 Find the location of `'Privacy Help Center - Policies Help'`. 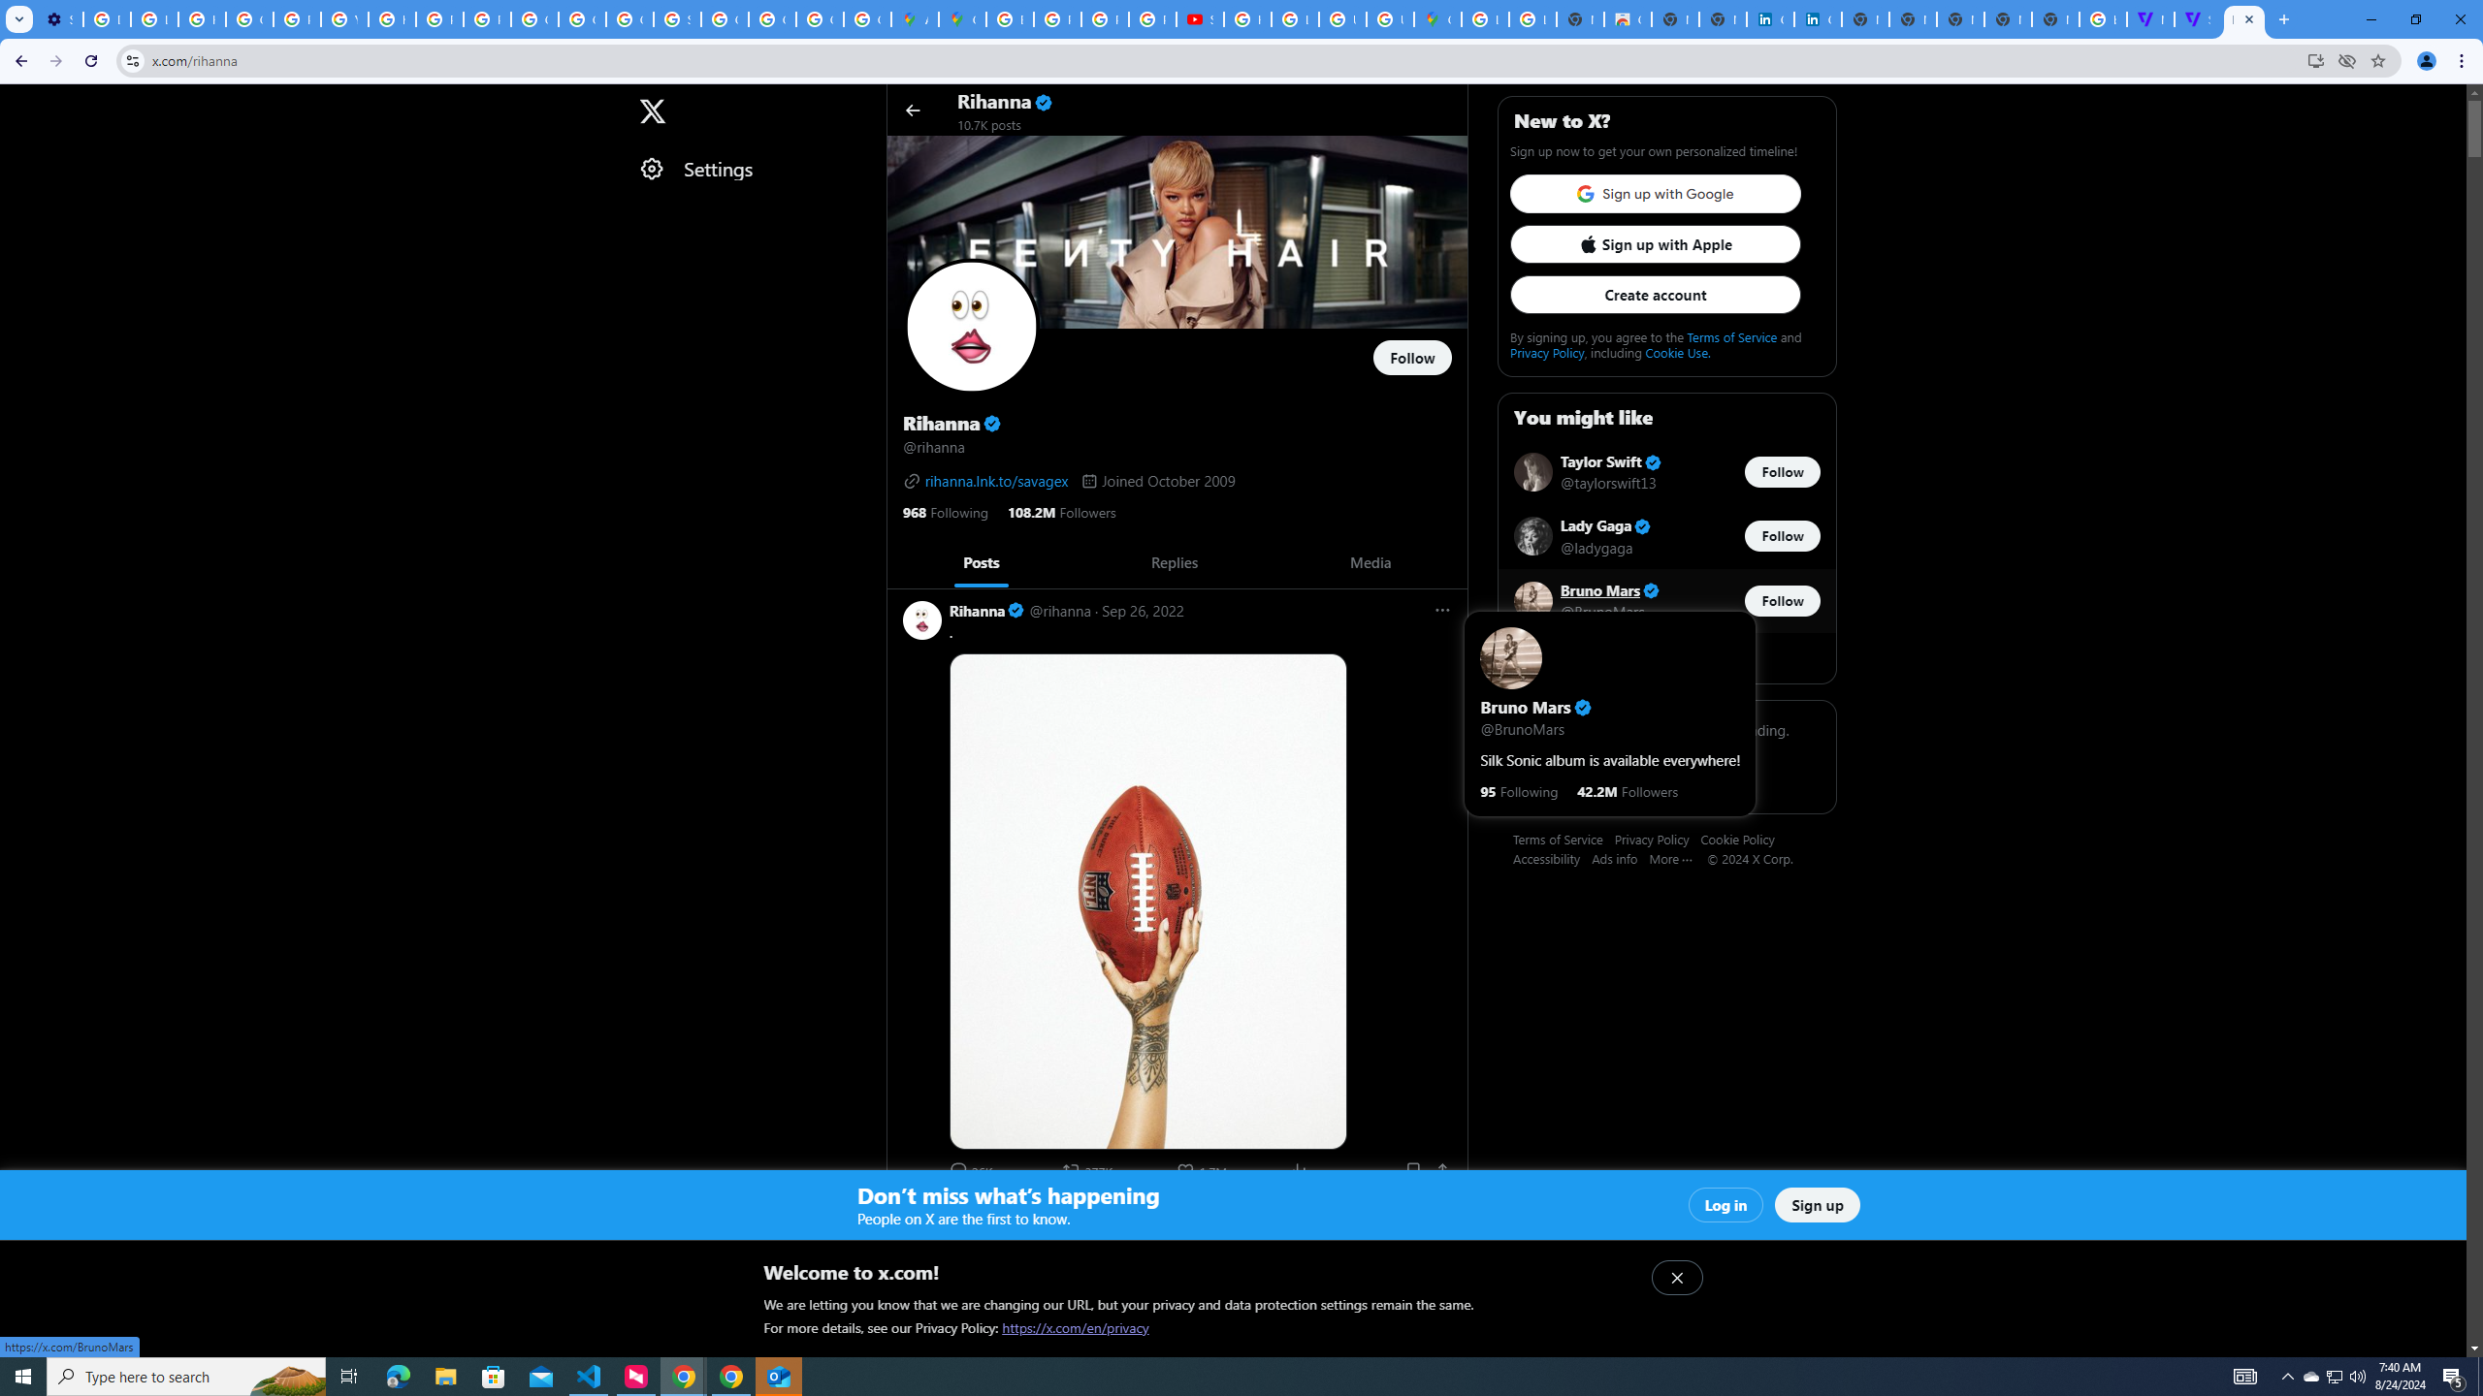

'Privacy Help Center - Policies Help' is located at coordinates (297, 18).